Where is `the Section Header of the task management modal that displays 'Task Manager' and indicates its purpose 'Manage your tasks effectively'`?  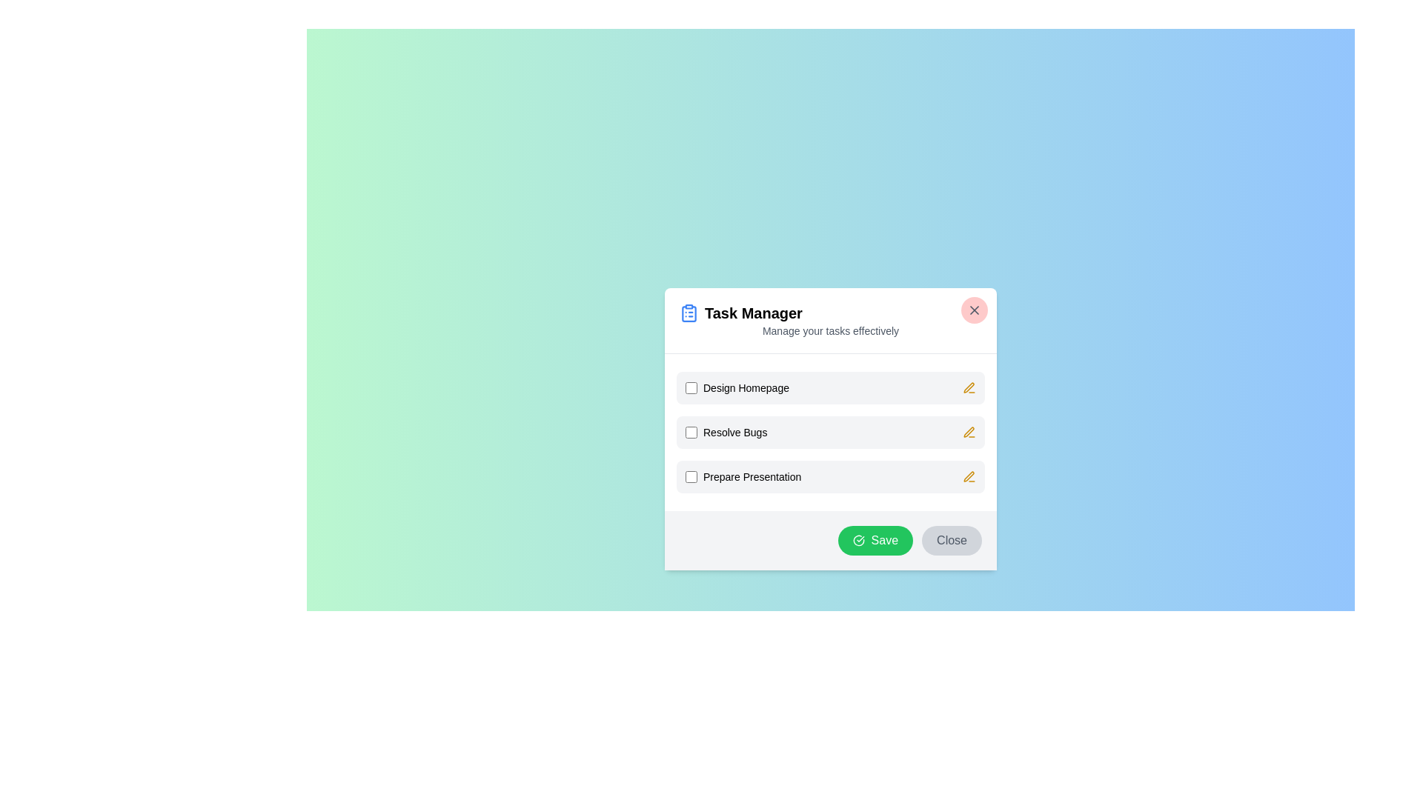 the Section Header of the task management modal that displays 'Task Manager' and indicates its purpose 'Manage your tasks effectively' is located at coordinates (831, 319).